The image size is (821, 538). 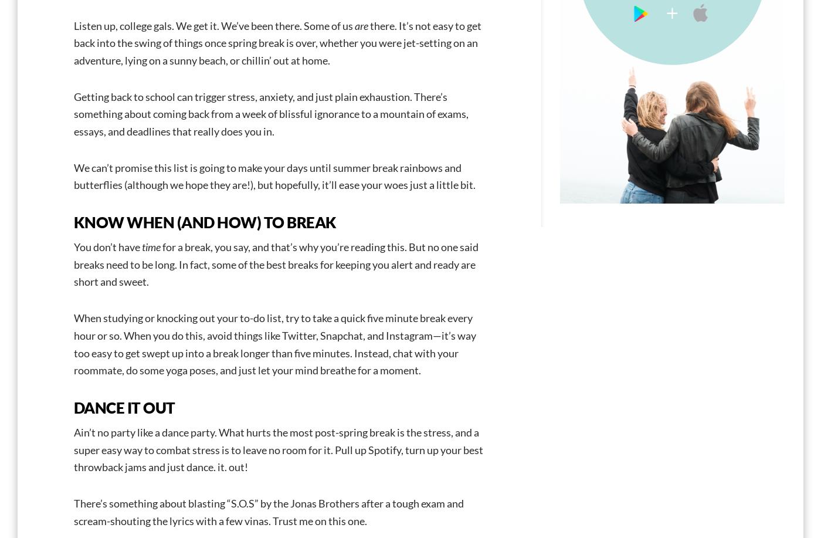 I want to click on 'There’s something about blasting “S.O.S” by the Jonas Brothers after a tough exam and scream-shouting the lyrics with a few vinas. Trust me on this one.', so click(x=269, y=510).